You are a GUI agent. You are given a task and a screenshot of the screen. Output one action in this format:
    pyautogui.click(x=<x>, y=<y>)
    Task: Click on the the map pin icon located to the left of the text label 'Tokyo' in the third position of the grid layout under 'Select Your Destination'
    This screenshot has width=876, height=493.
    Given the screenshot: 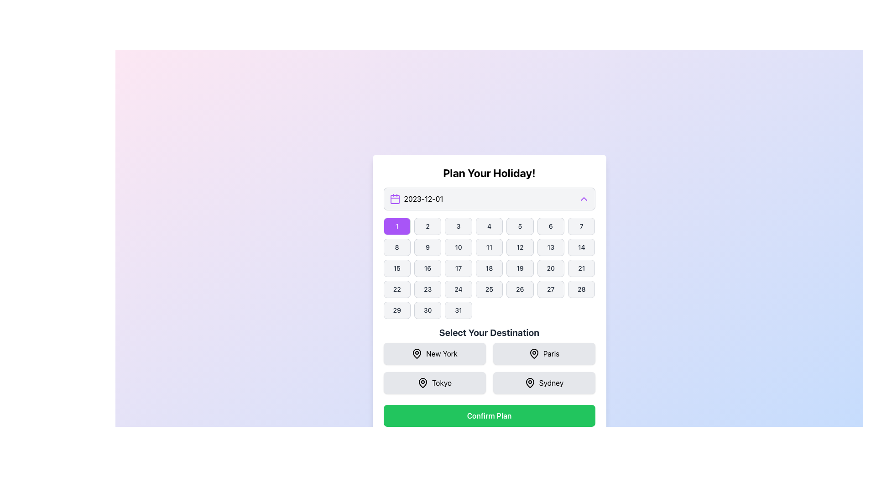 What is the action you would take?
    pyautogui.click(x=422, y=383)
    